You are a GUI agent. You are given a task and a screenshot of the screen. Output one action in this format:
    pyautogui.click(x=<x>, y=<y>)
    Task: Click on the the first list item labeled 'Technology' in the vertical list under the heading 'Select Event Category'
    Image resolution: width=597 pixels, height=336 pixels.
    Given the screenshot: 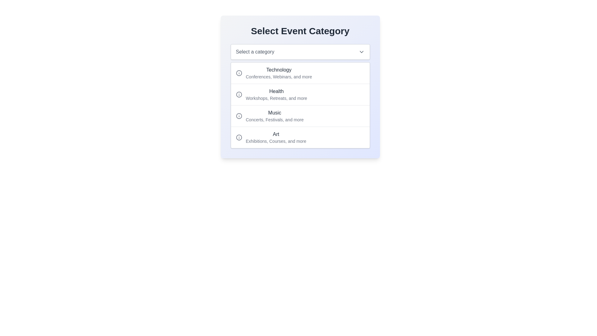 What is the action you would take?
    pyautogui.click(x=300, y=73)
    